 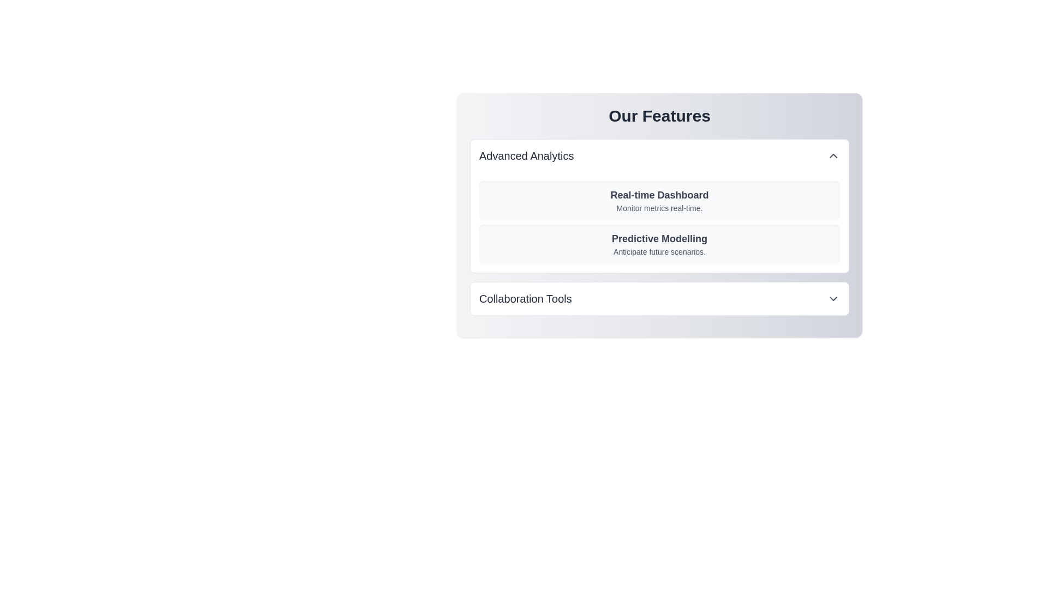 What do you see at coordinates (832, 298) in the screenshot?
I see `the toggle button located at the far-right section of the 'Collaboration Tools' row` at bounding box center [832, 298].